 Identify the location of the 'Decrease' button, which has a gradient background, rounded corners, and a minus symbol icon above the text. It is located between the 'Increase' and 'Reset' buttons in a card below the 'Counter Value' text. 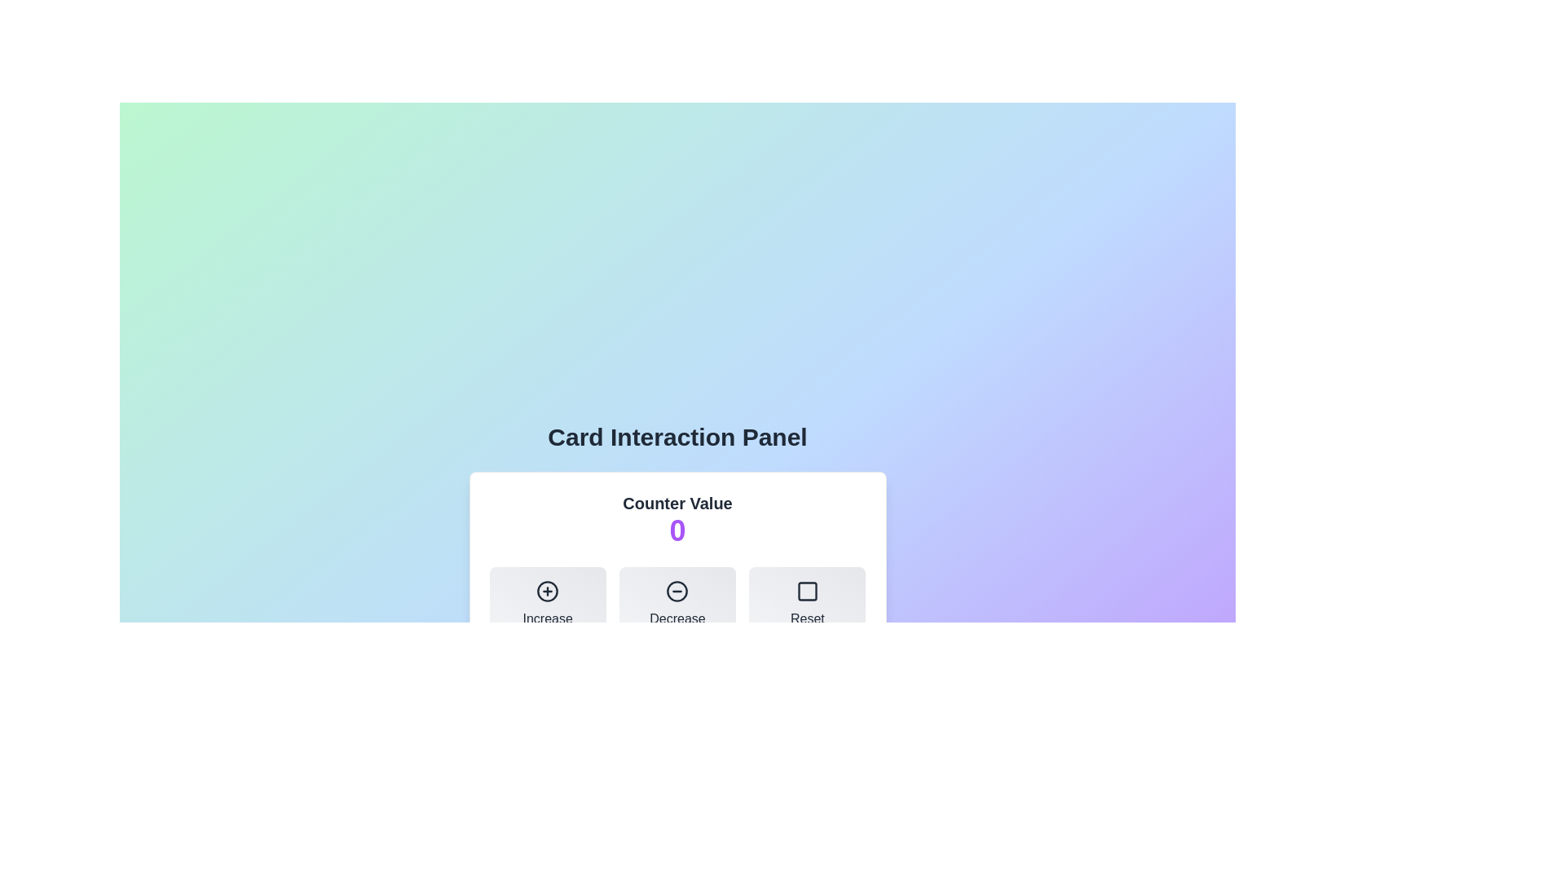
(677, 604).